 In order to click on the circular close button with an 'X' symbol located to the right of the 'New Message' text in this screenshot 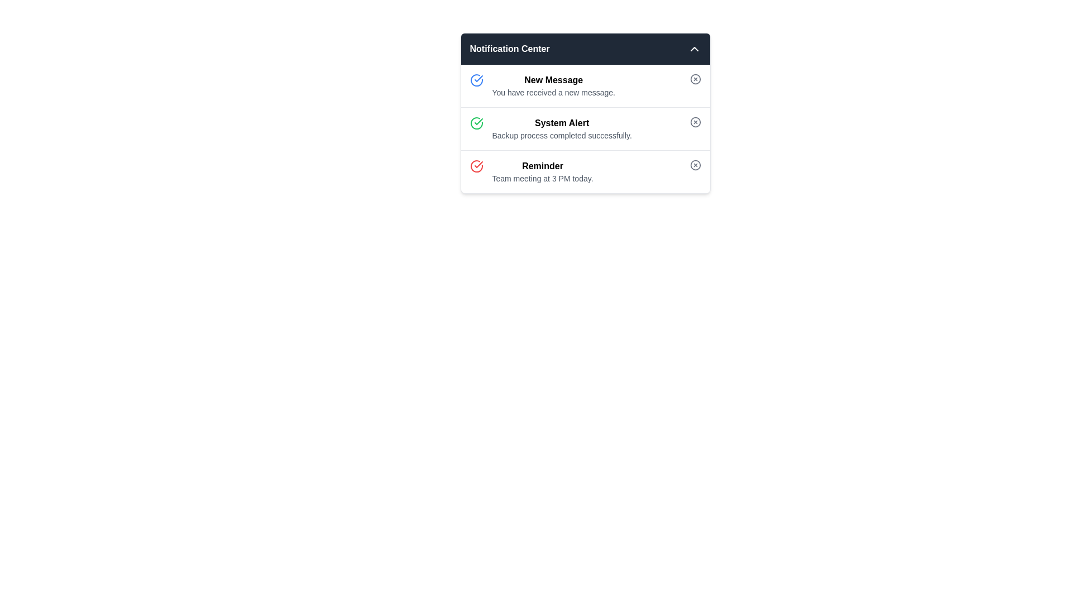, I will do `click(695, 79)`.